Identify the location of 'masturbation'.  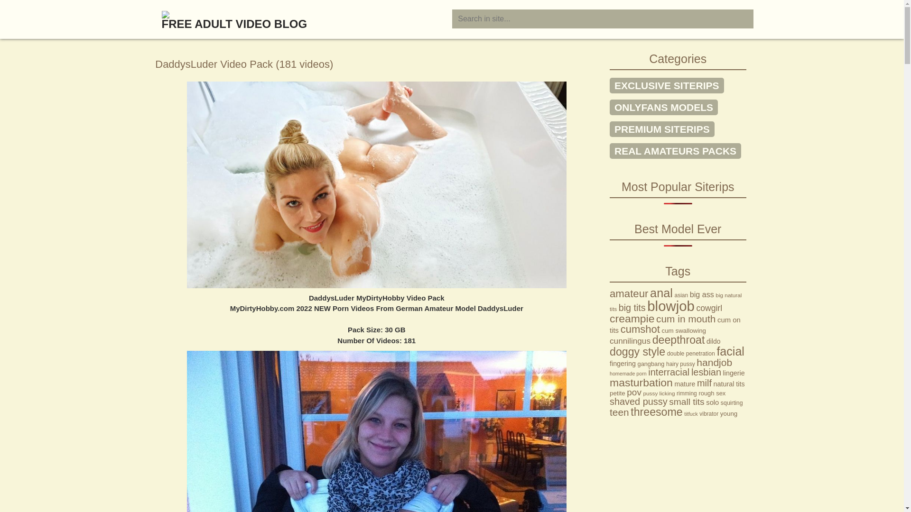
(641, 382).